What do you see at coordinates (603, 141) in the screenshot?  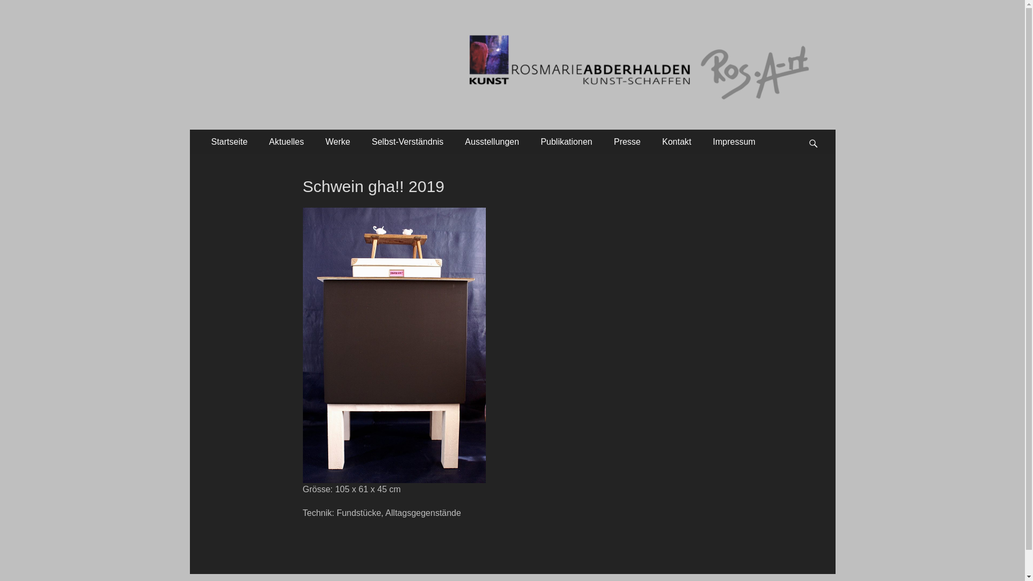 I see `'Presse'` at bounding box center [603, 141].